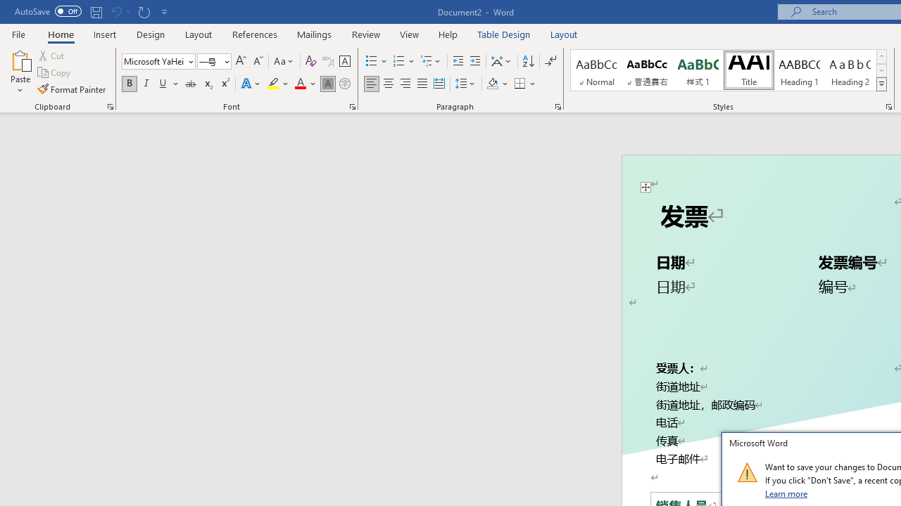 The height and width of the screenshot is (506, 901). I want to click on 'AutomationID: QuickStylesGallery', so click(729, 70).